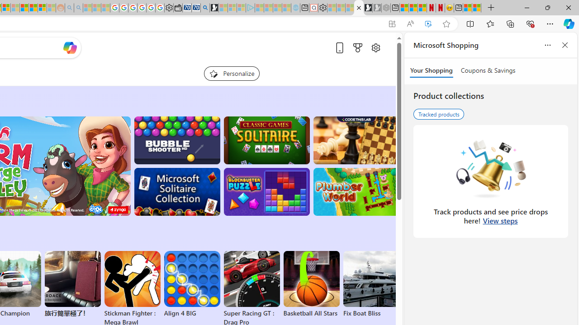 This screenshot has height=325, width=579. I want to click on 'Fix Boat Bliss', so click(371, 313).